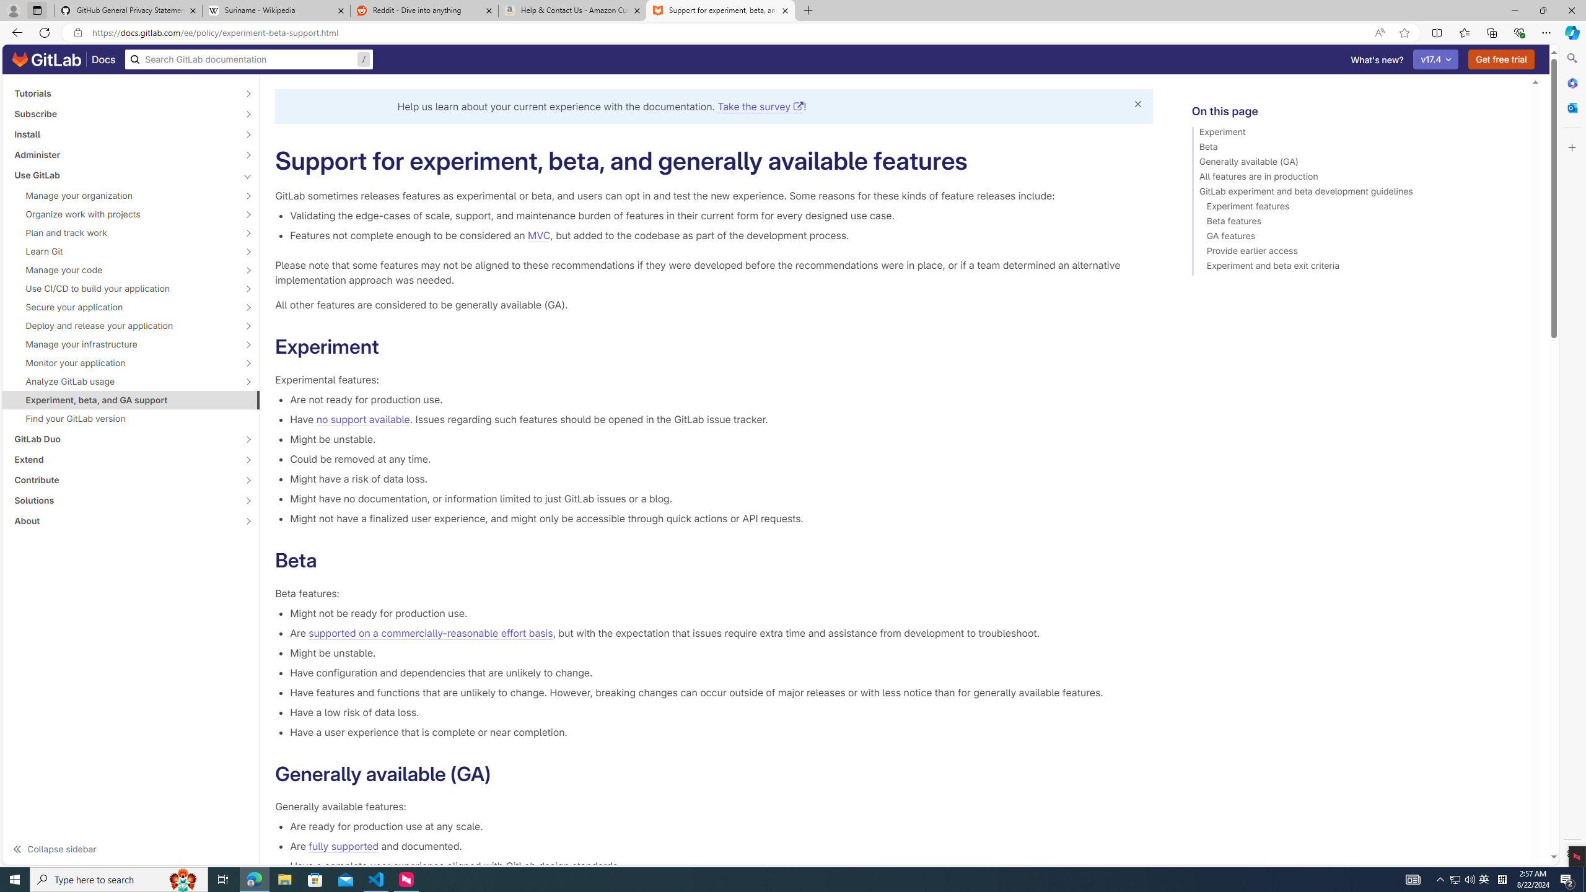 This screenshot has height=892, width=1586. I want to click on 'Experiment, beta, and GA support', so click(131, 399).